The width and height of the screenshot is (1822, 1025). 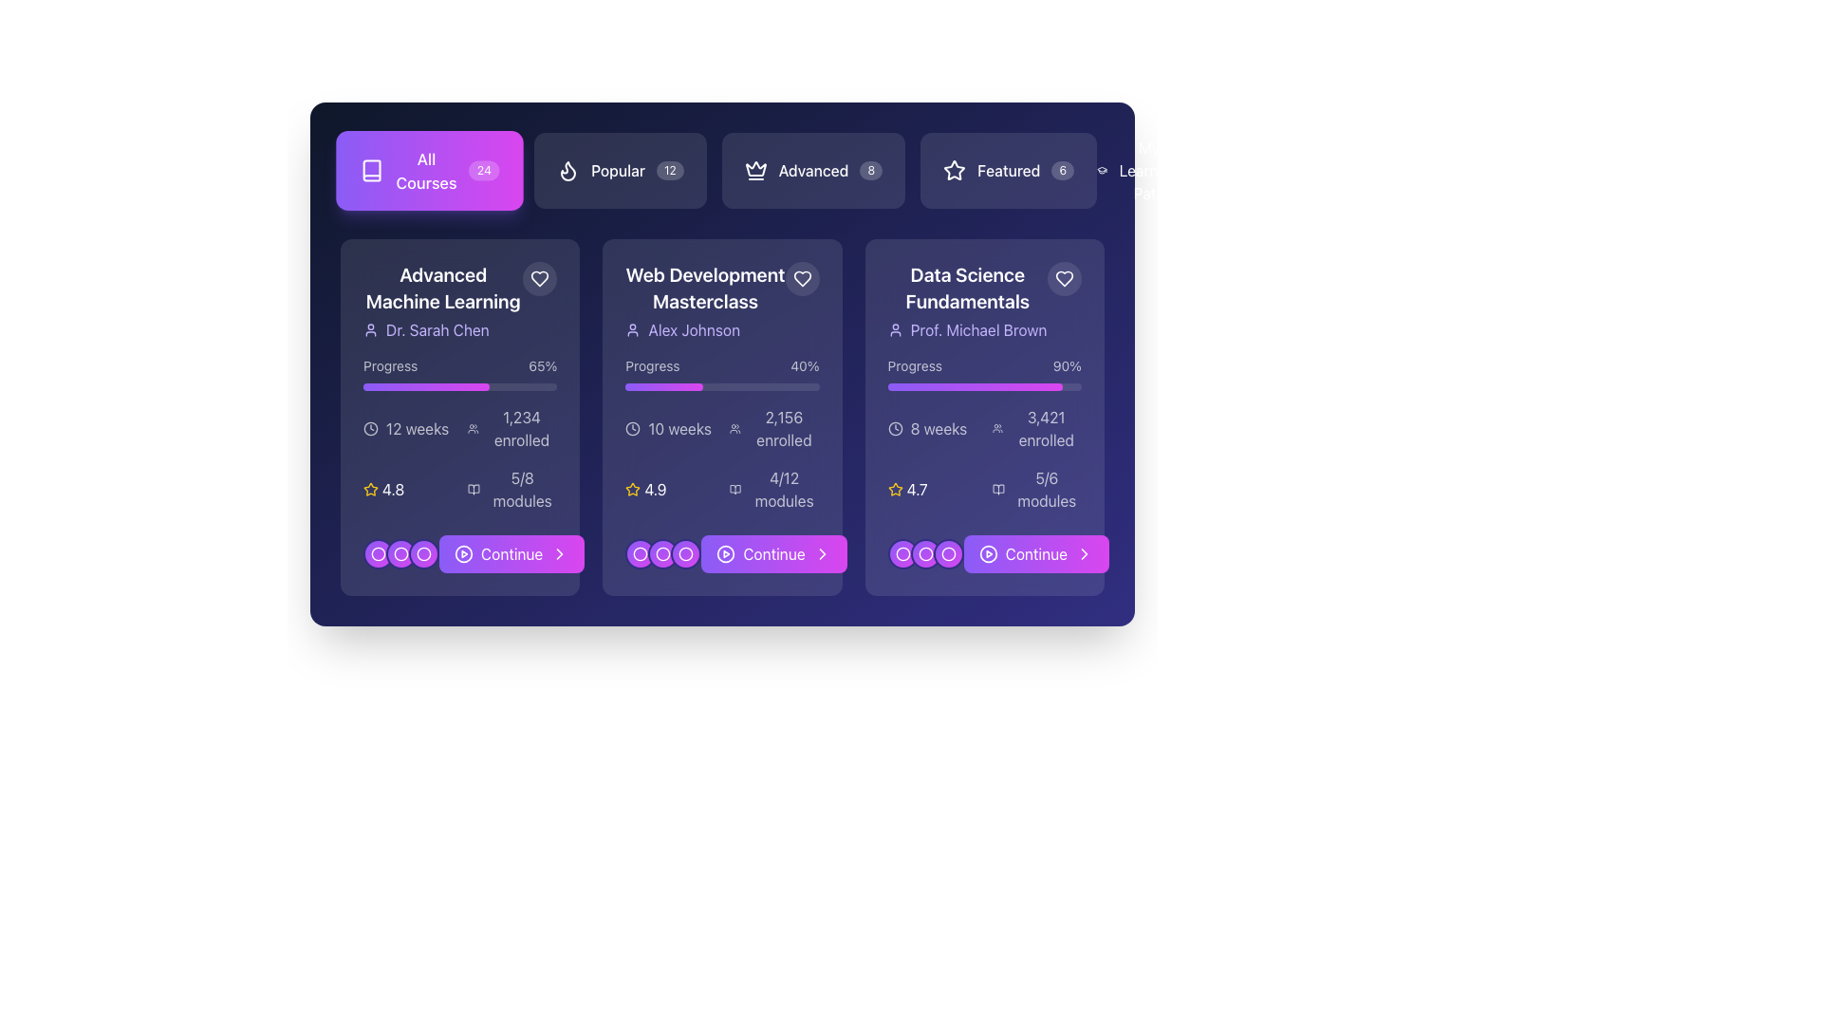 I want to click on the favorite icon button located in the upper-right corner of the 'Web Development Masterclass' card, so click(x=802, y=278).